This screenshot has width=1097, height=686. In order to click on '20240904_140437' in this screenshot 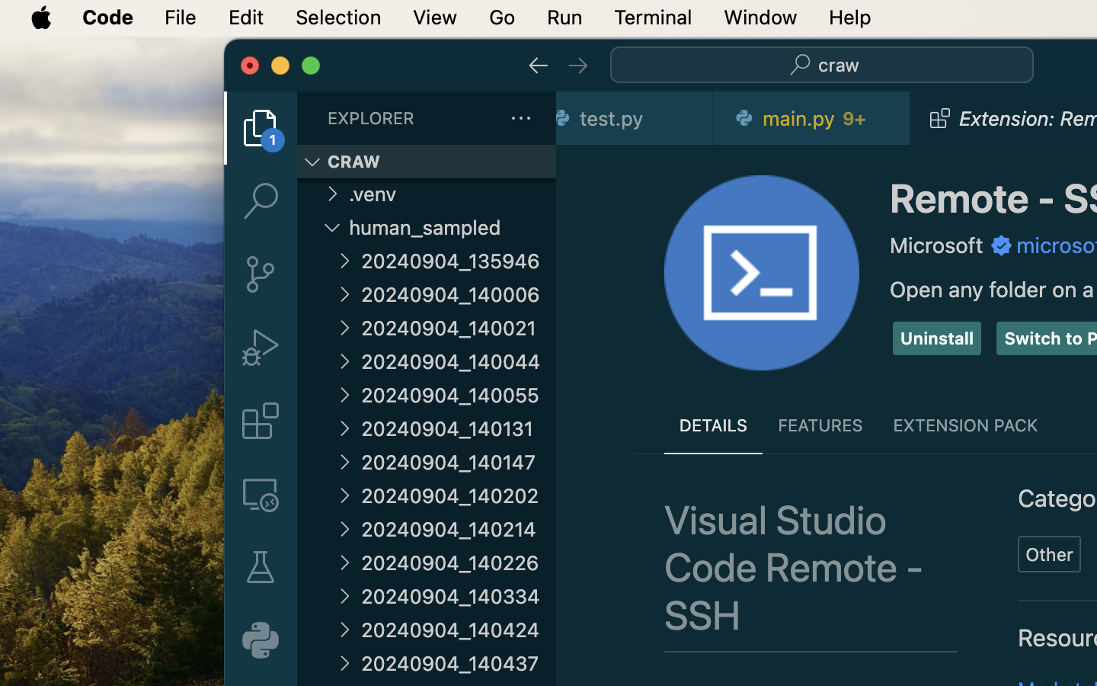, I will do `click(458, 663)`.